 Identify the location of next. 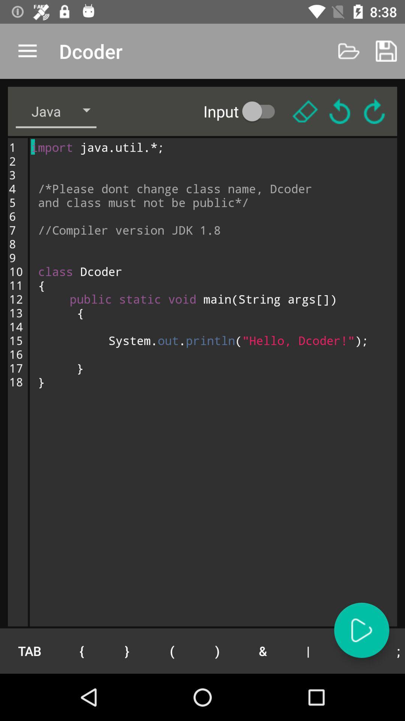
(361, 630).